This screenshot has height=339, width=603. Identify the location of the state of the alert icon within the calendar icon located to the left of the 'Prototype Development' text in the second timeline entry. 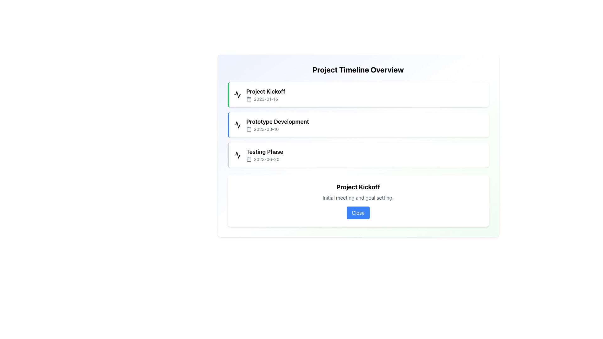
(248, 129).